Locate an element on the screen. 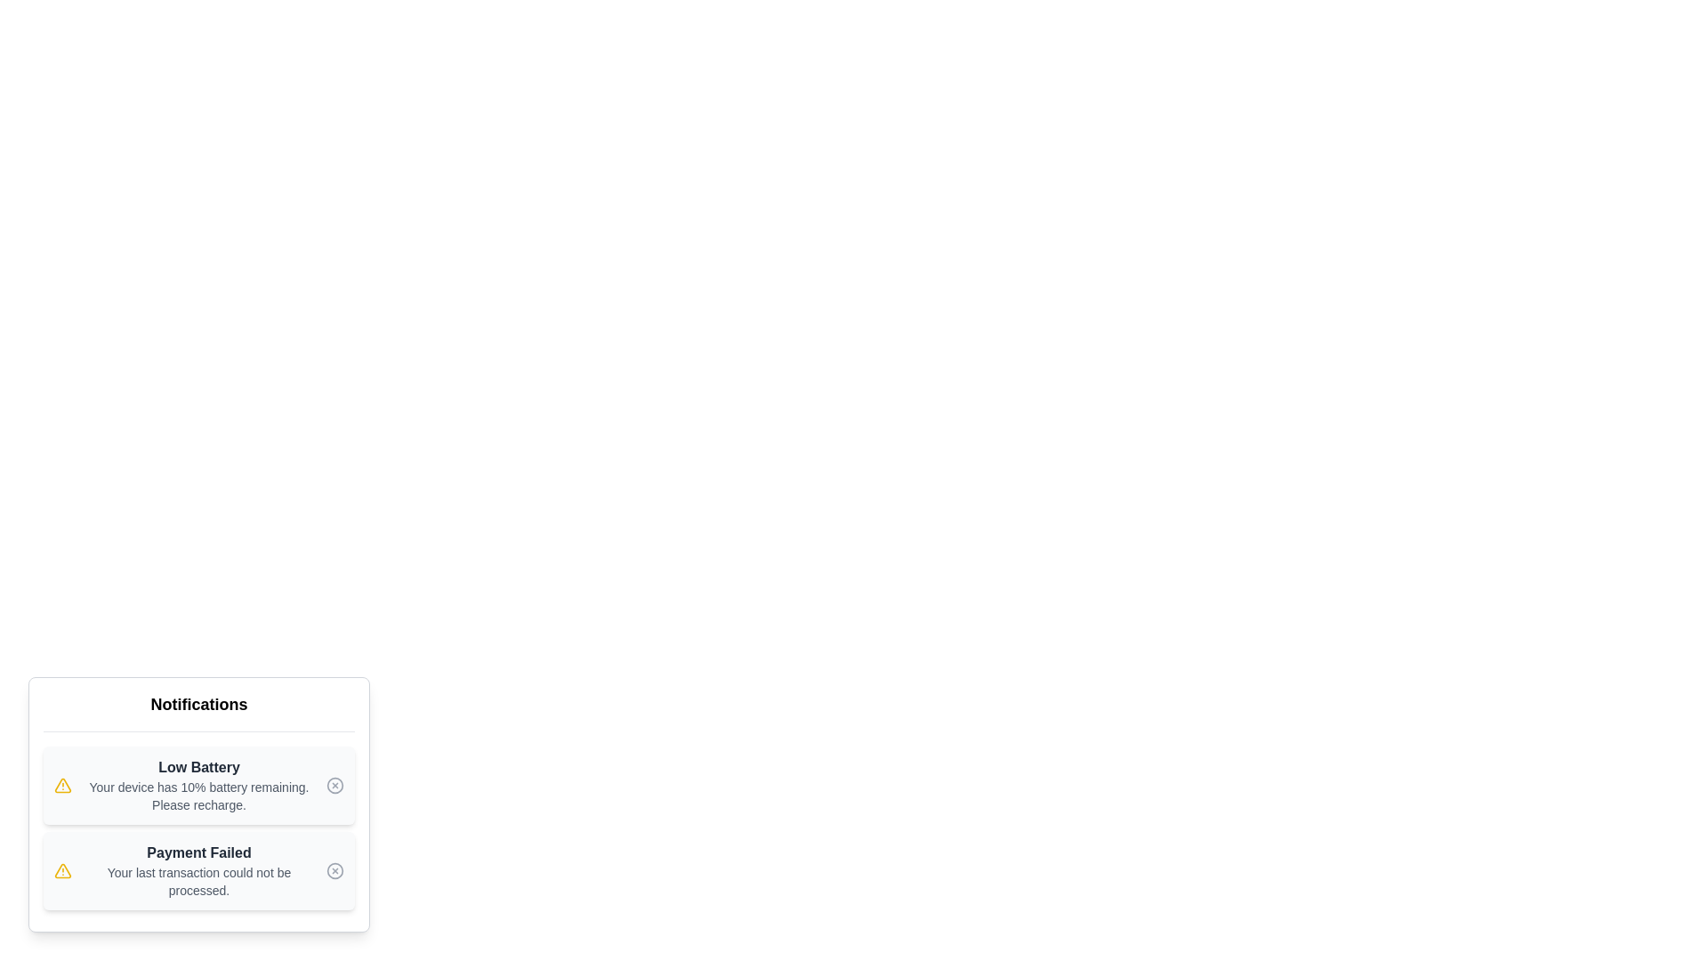  the appearance of the warning icon located on the left side of the text content within the 'Low Battery' notification card is located at coordinates (63, 785).